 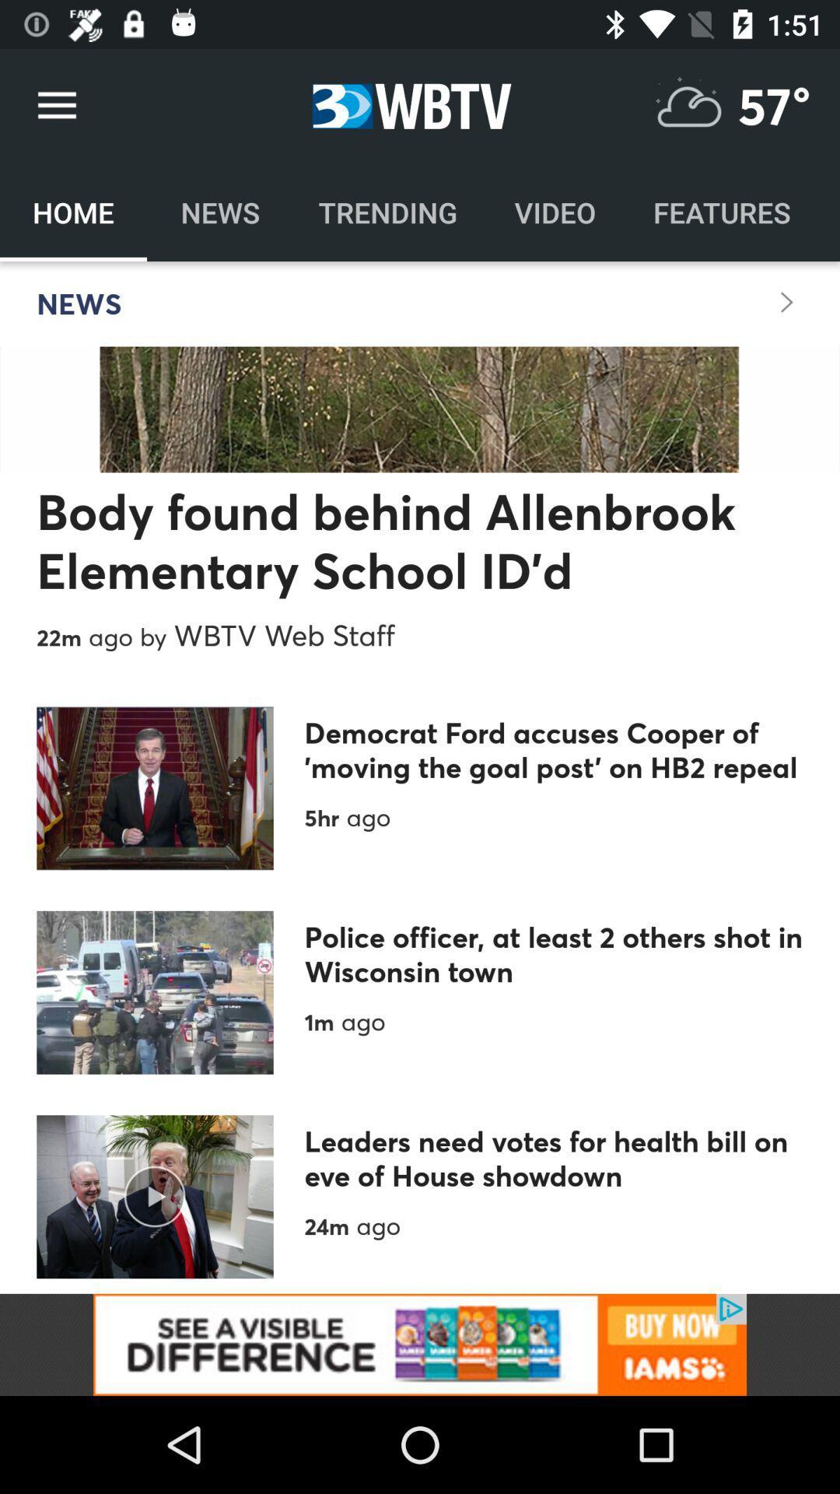 What do you see at coordinates (420, 1344) in the screenshot?
I see `advertisement` at bounding box center [420, 1344].